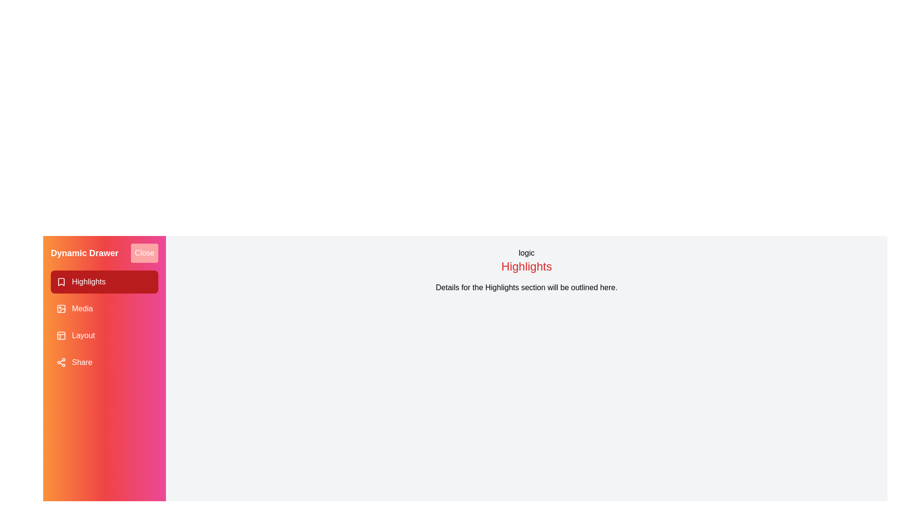 This screenshot has height=518, width=921. Describe the element at coordinates (144, 253) in the screenshot. I see `'Close' button to toggle the drawer visibility` at that location.